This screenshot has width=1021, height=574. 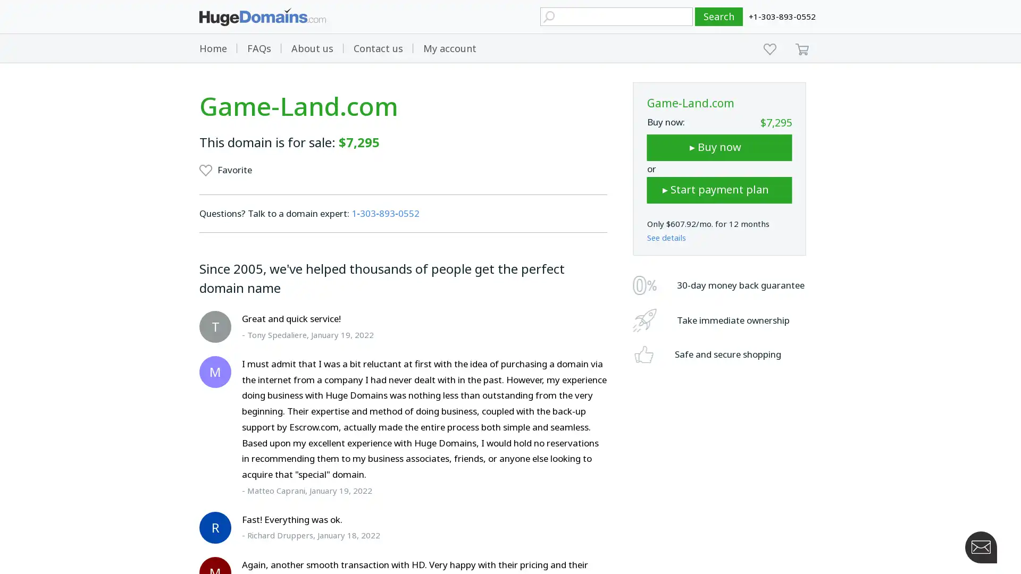 I want to click on Search, so click(x=719, y=16).